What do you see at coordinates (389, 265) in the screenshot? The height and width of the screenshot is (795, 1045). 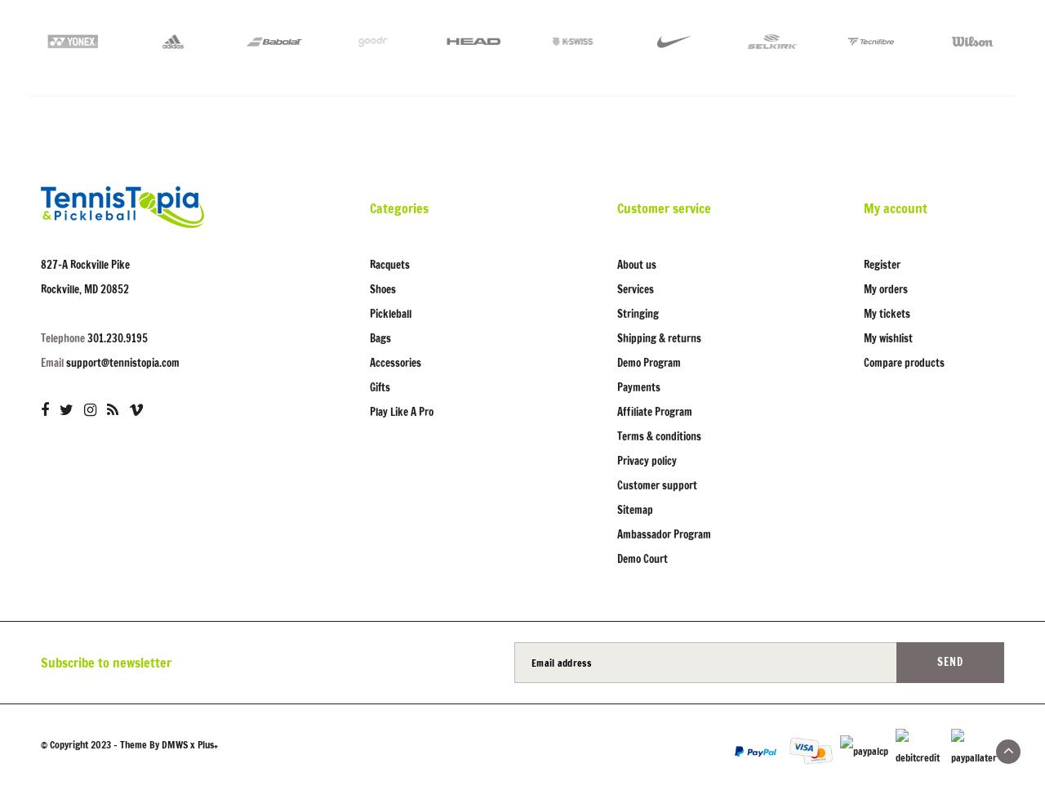 I see `'Racquets'` at bounding box center [389, 265].